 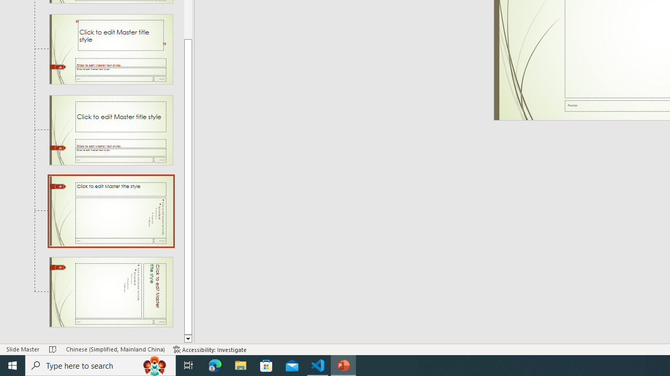 What do you see at coordinates (111, 211) in the screenshot?
I see `'Slide Title and Vertical Text Layout: used by no slides'` at bounding box center [111, 211].